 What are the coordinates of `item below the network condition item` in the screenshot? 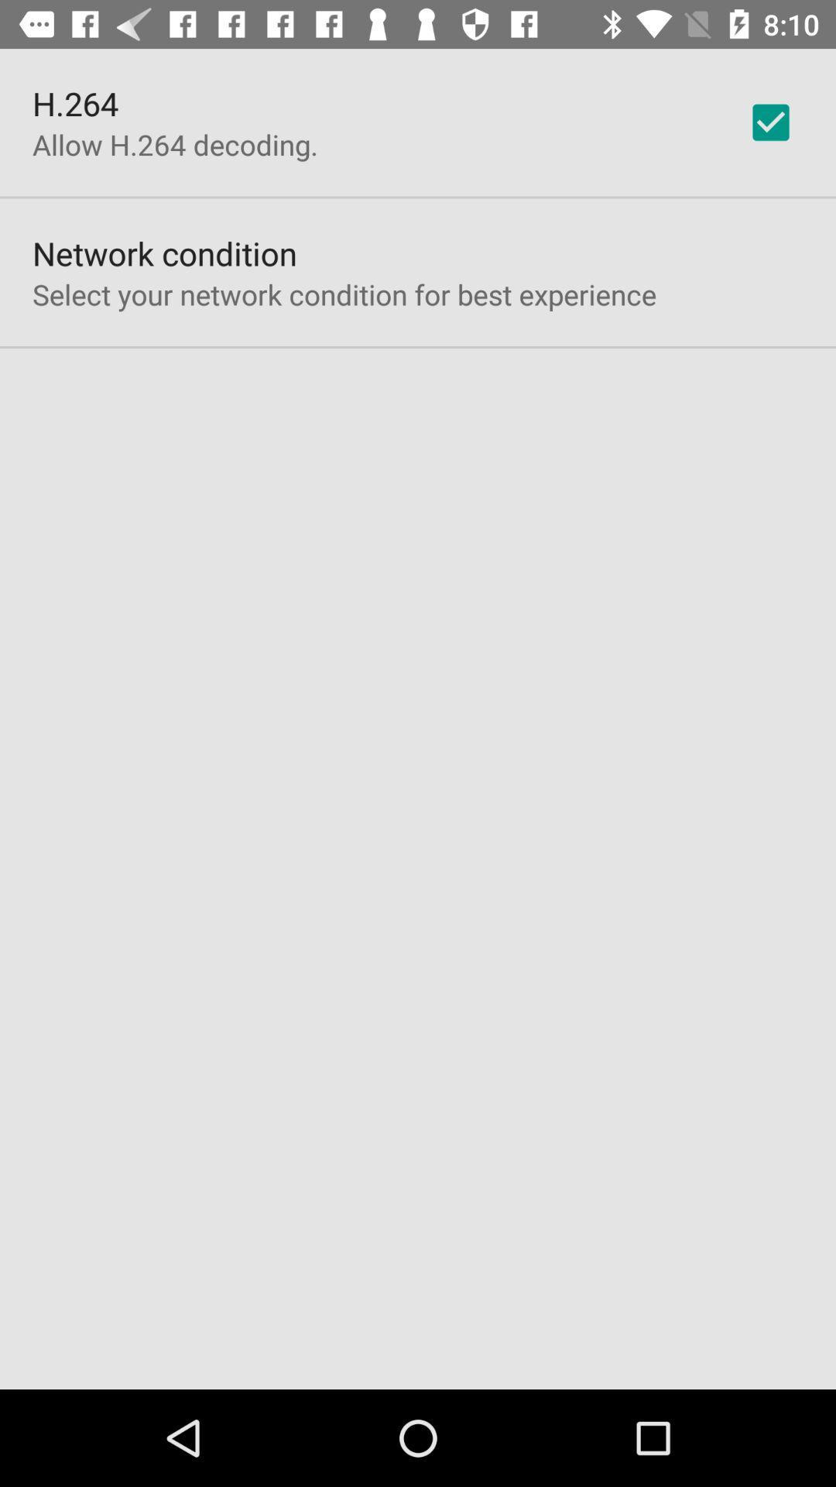 It's located at (344, 294).